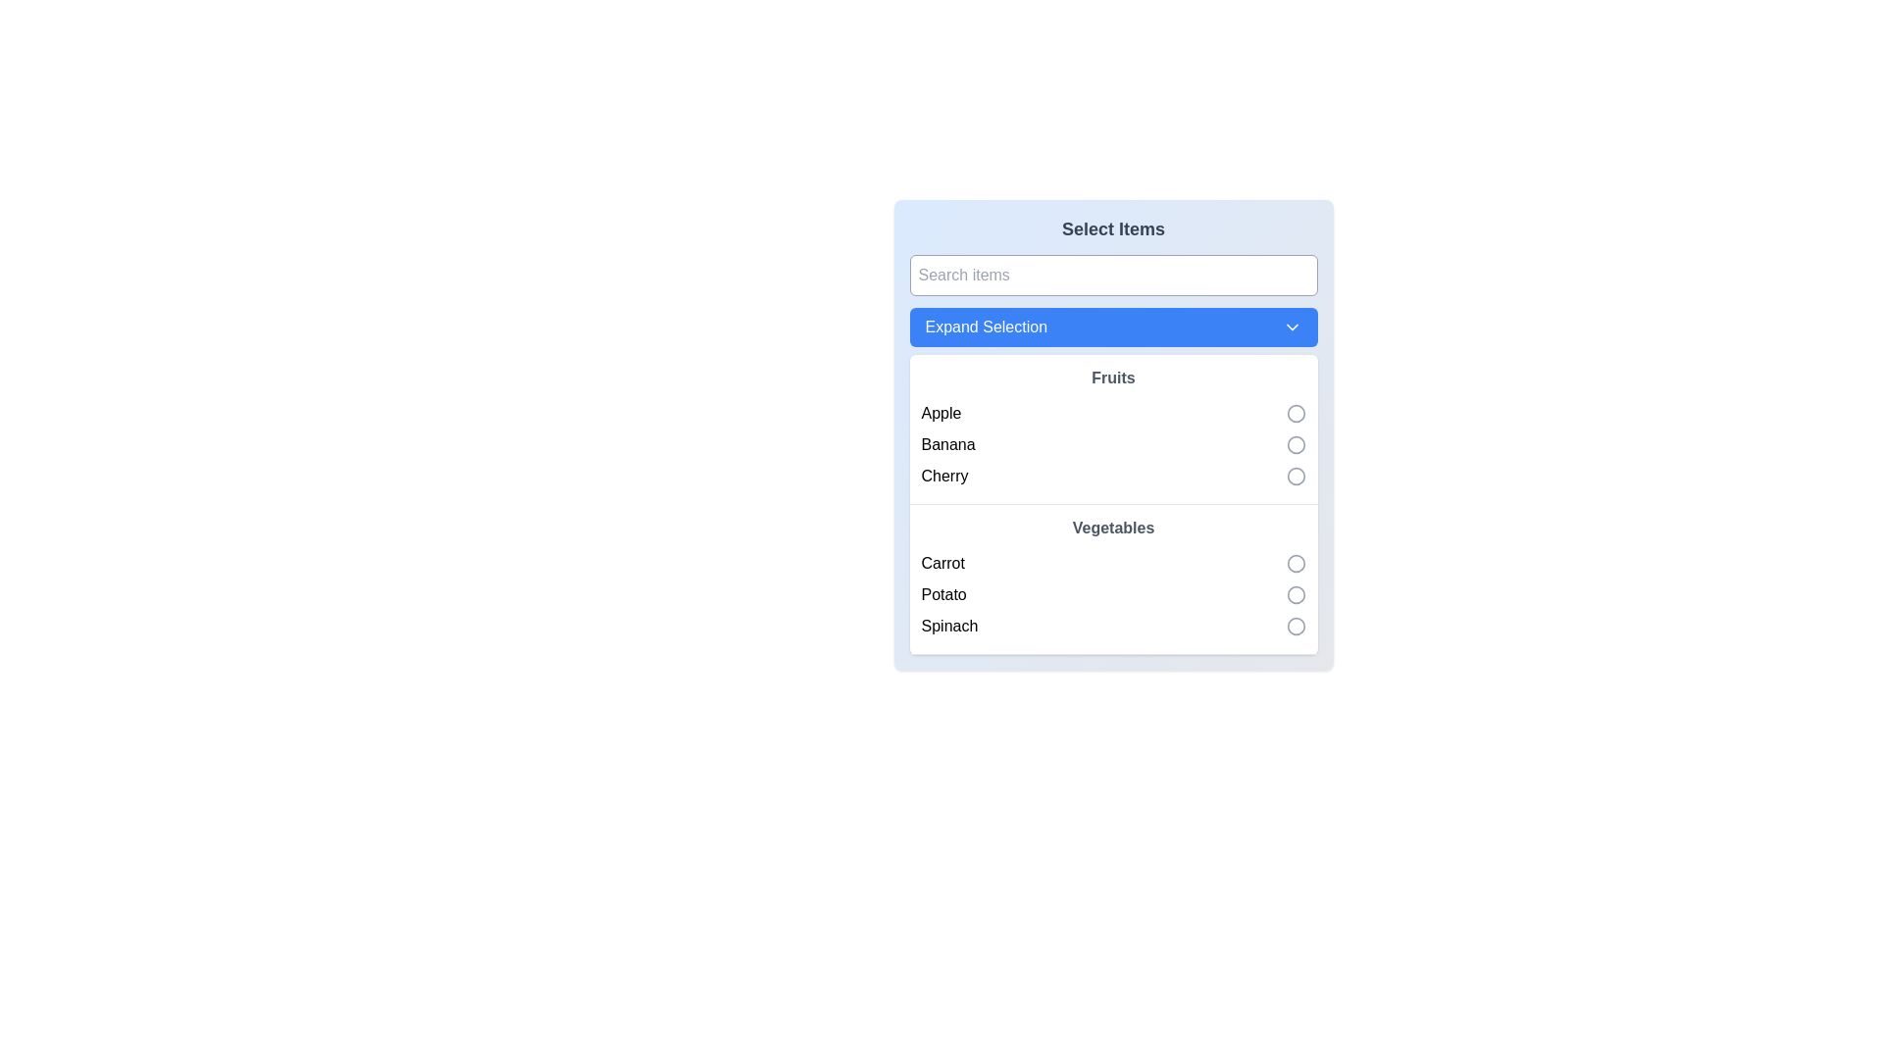  I want to click on the 'Potato' entry in the second row of the 'Vegetables' section, so click(1113, 593).